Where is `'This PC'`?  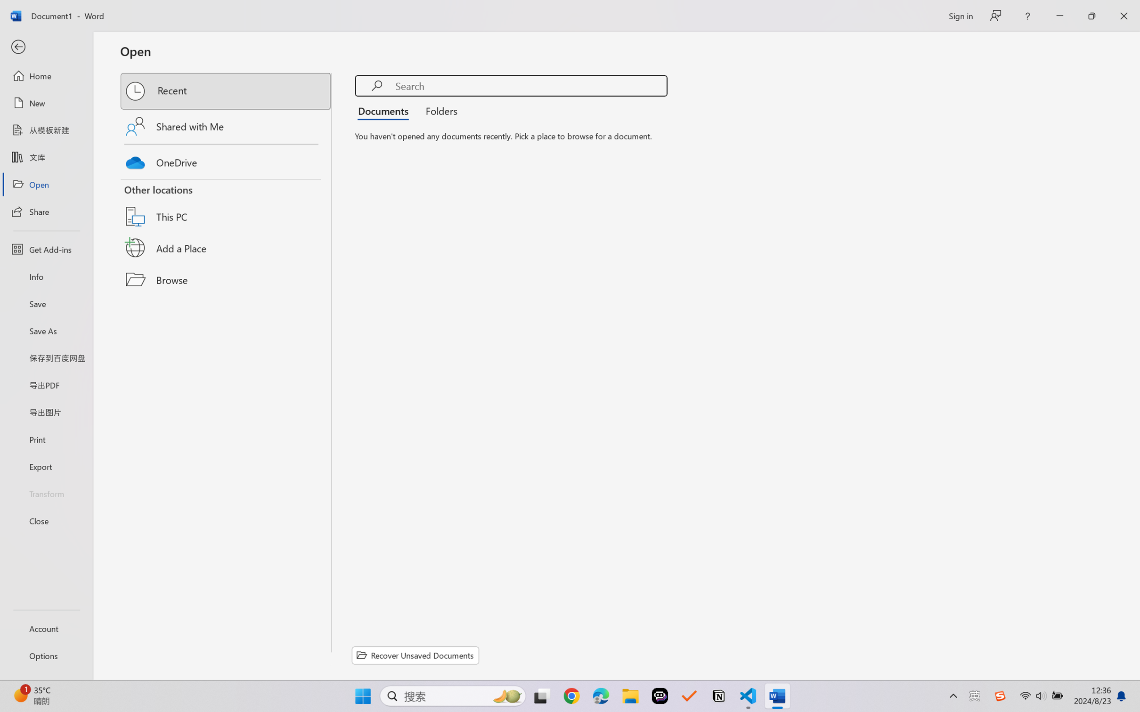 'This PC' is located at coordinates (226, 205).